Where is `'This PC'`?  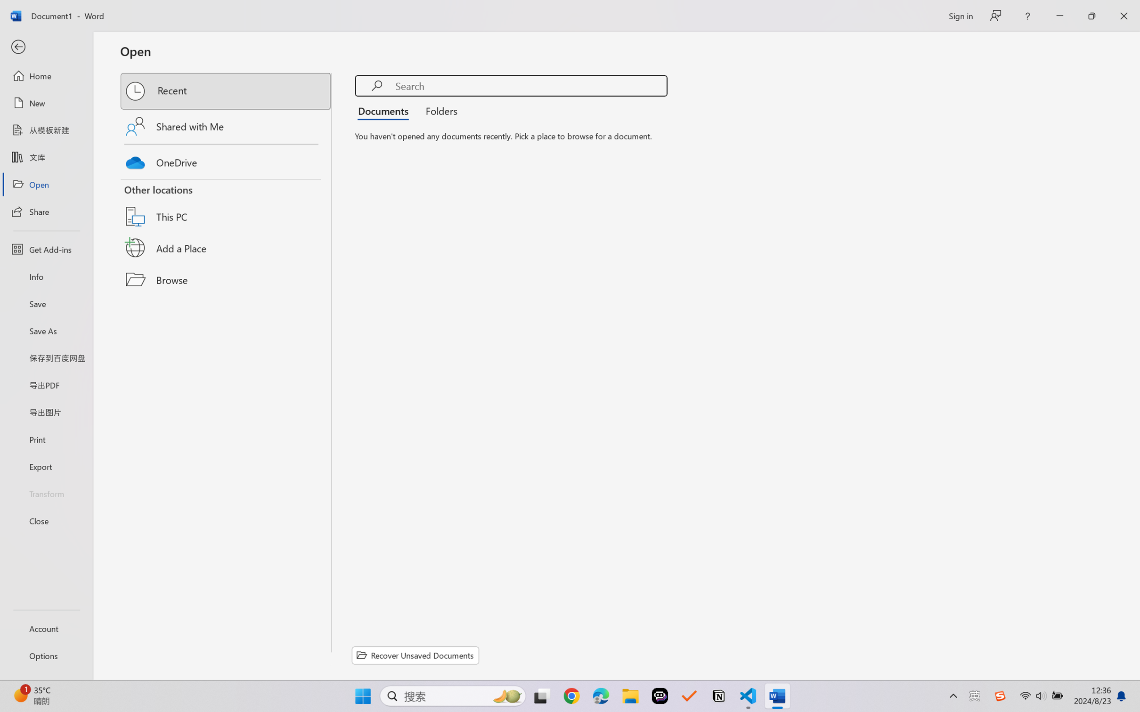 'This PC' is located at coordinates (226, 205).